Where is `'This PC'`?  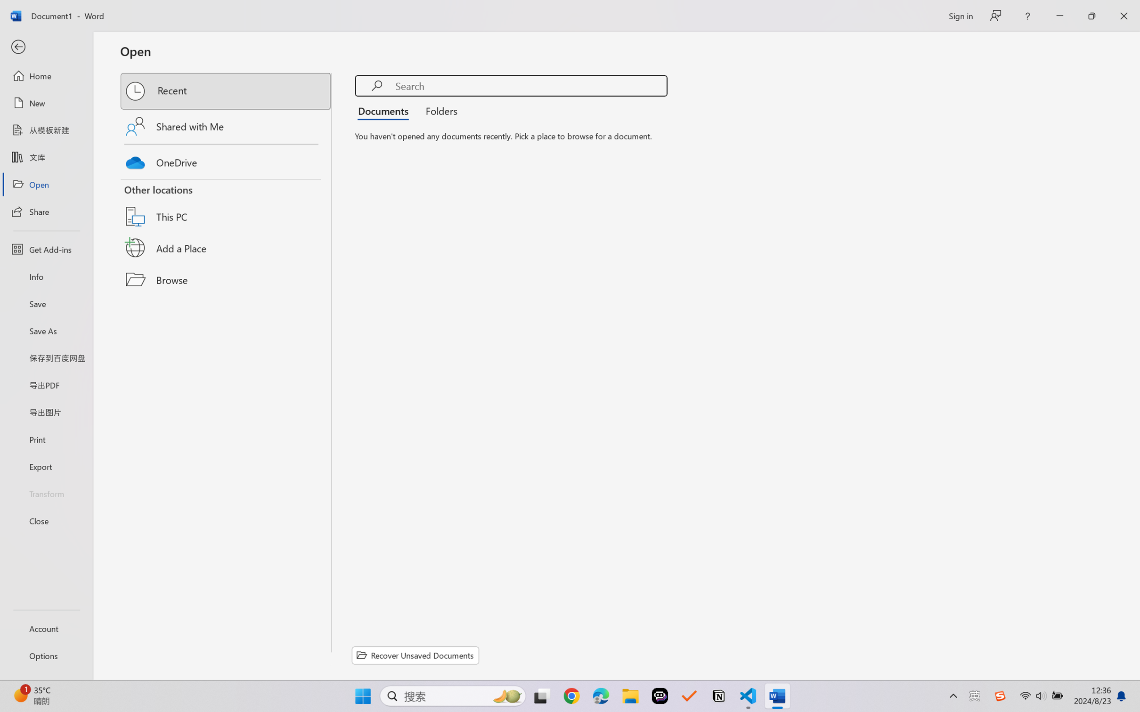 'This PC' is located at coordinates (226, 205).